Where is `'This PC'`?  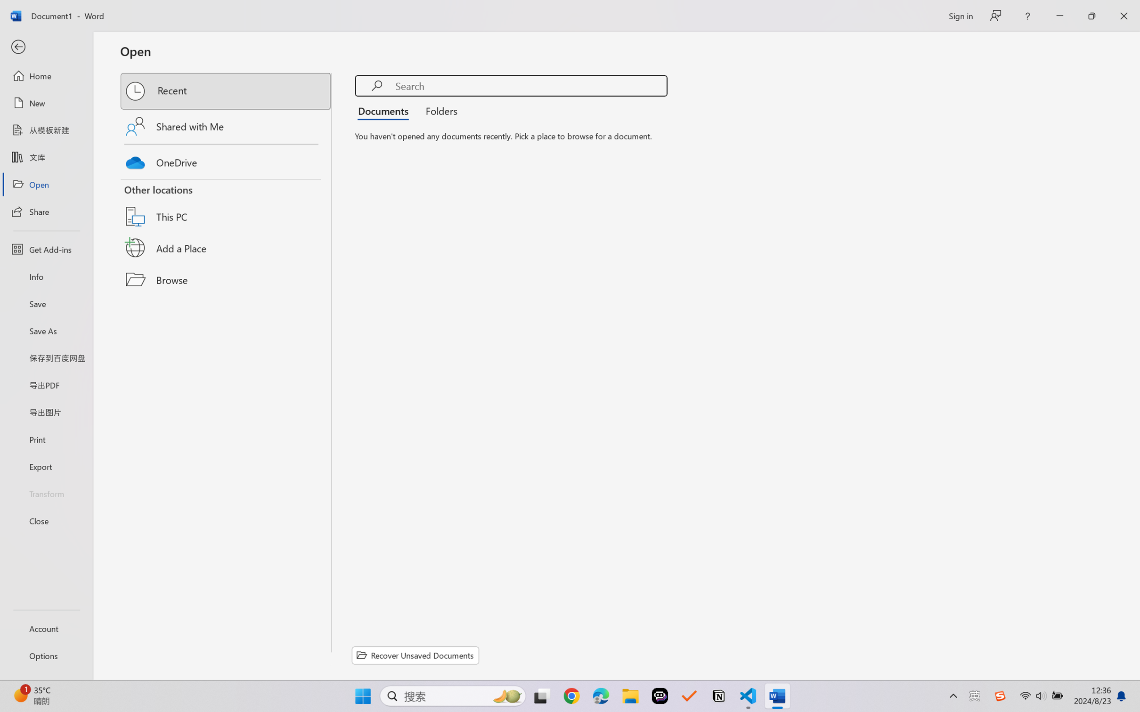 'This PC' is located at coordinates (226, 205).